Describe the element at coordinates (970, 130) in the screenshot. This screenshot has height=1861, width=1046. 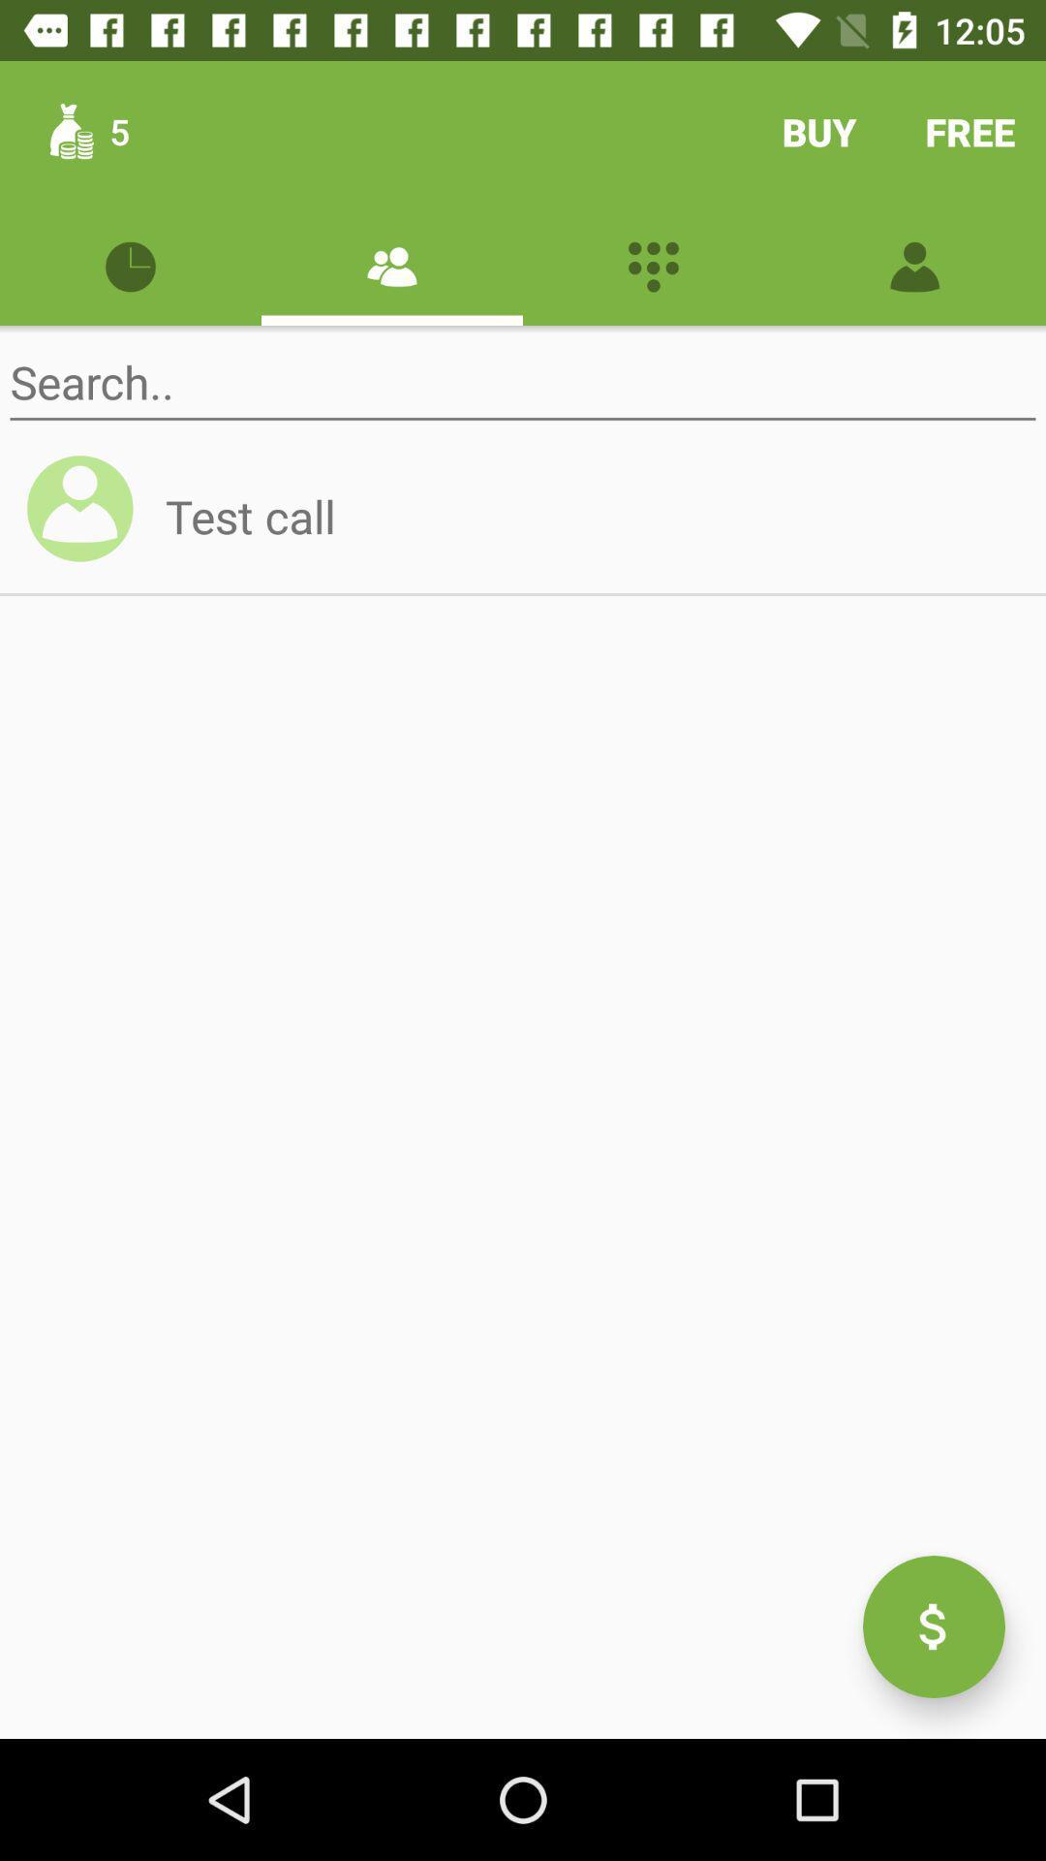
I see `the button free on the top right corner of the web page` at that location.